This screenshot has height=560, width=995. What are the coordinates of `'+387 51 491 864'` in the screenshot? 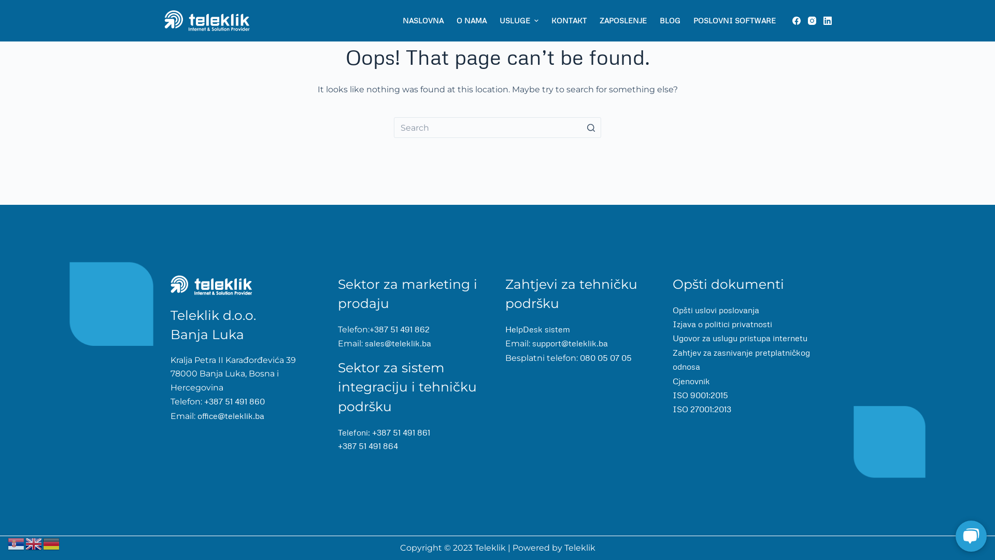 It's located at (338, 445).